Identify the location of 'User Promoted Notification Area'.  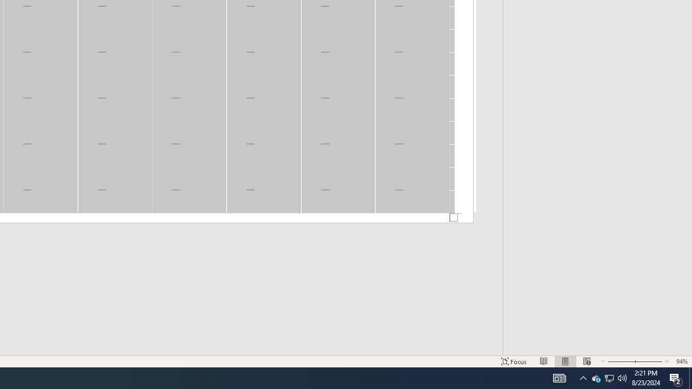
(622, 377).